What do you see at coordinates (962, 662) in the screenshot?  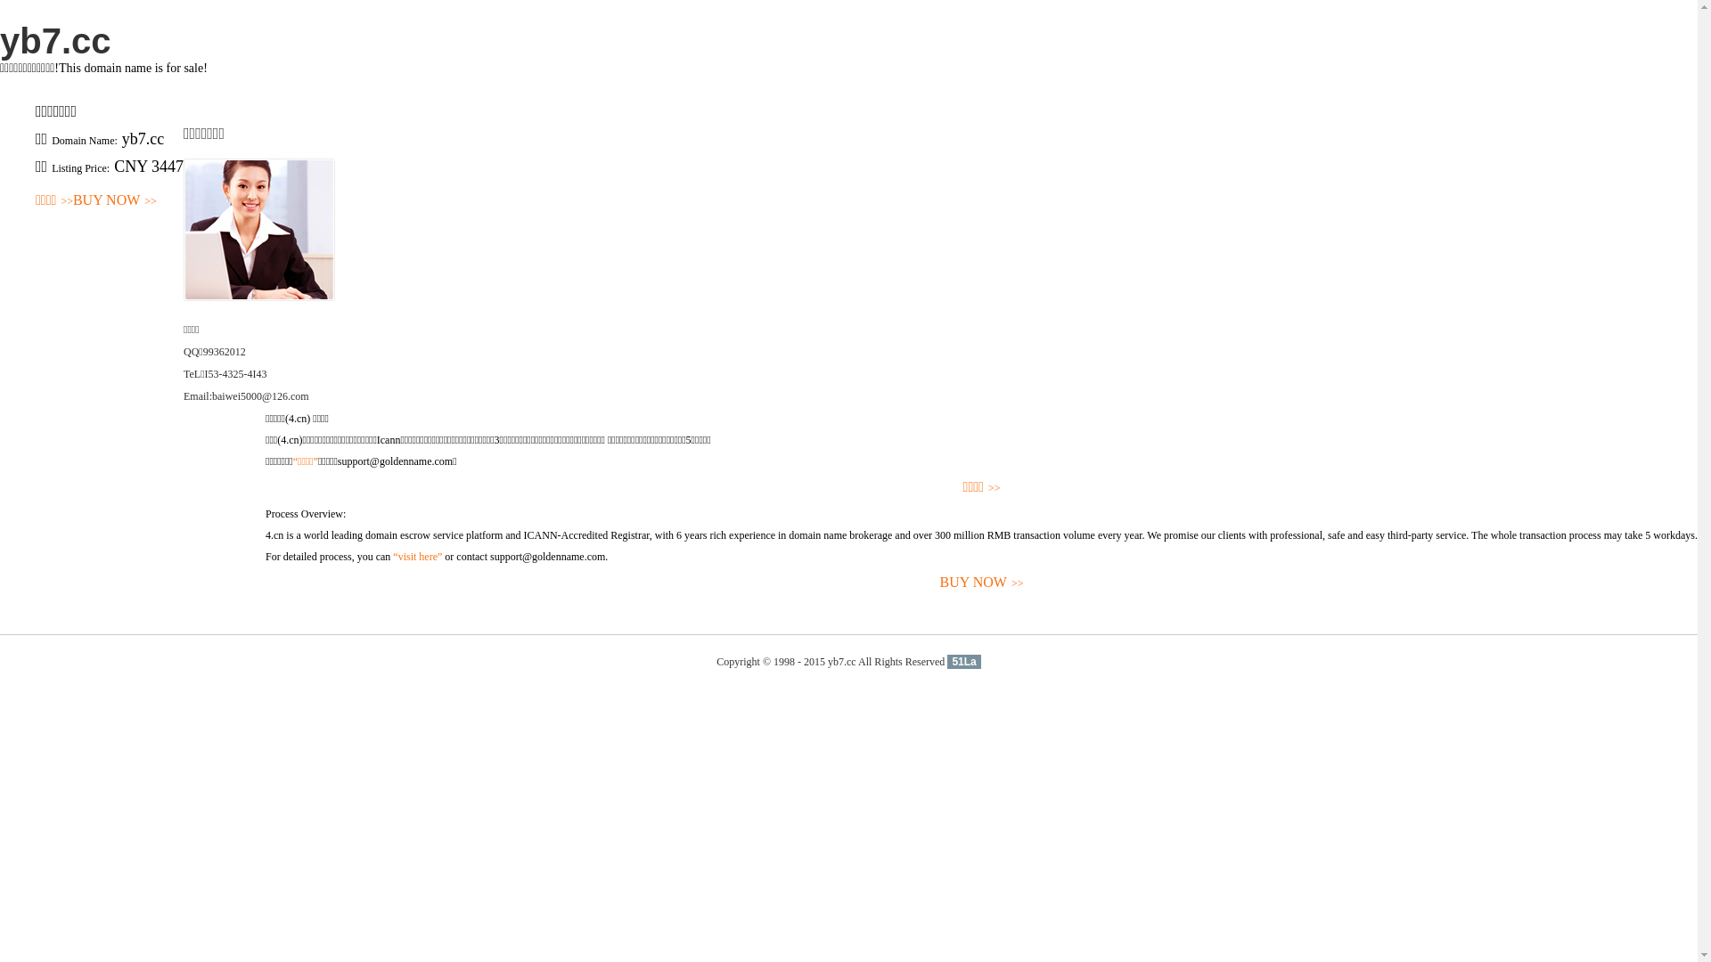 I see `'51La'` at bounding box center [962, 662].